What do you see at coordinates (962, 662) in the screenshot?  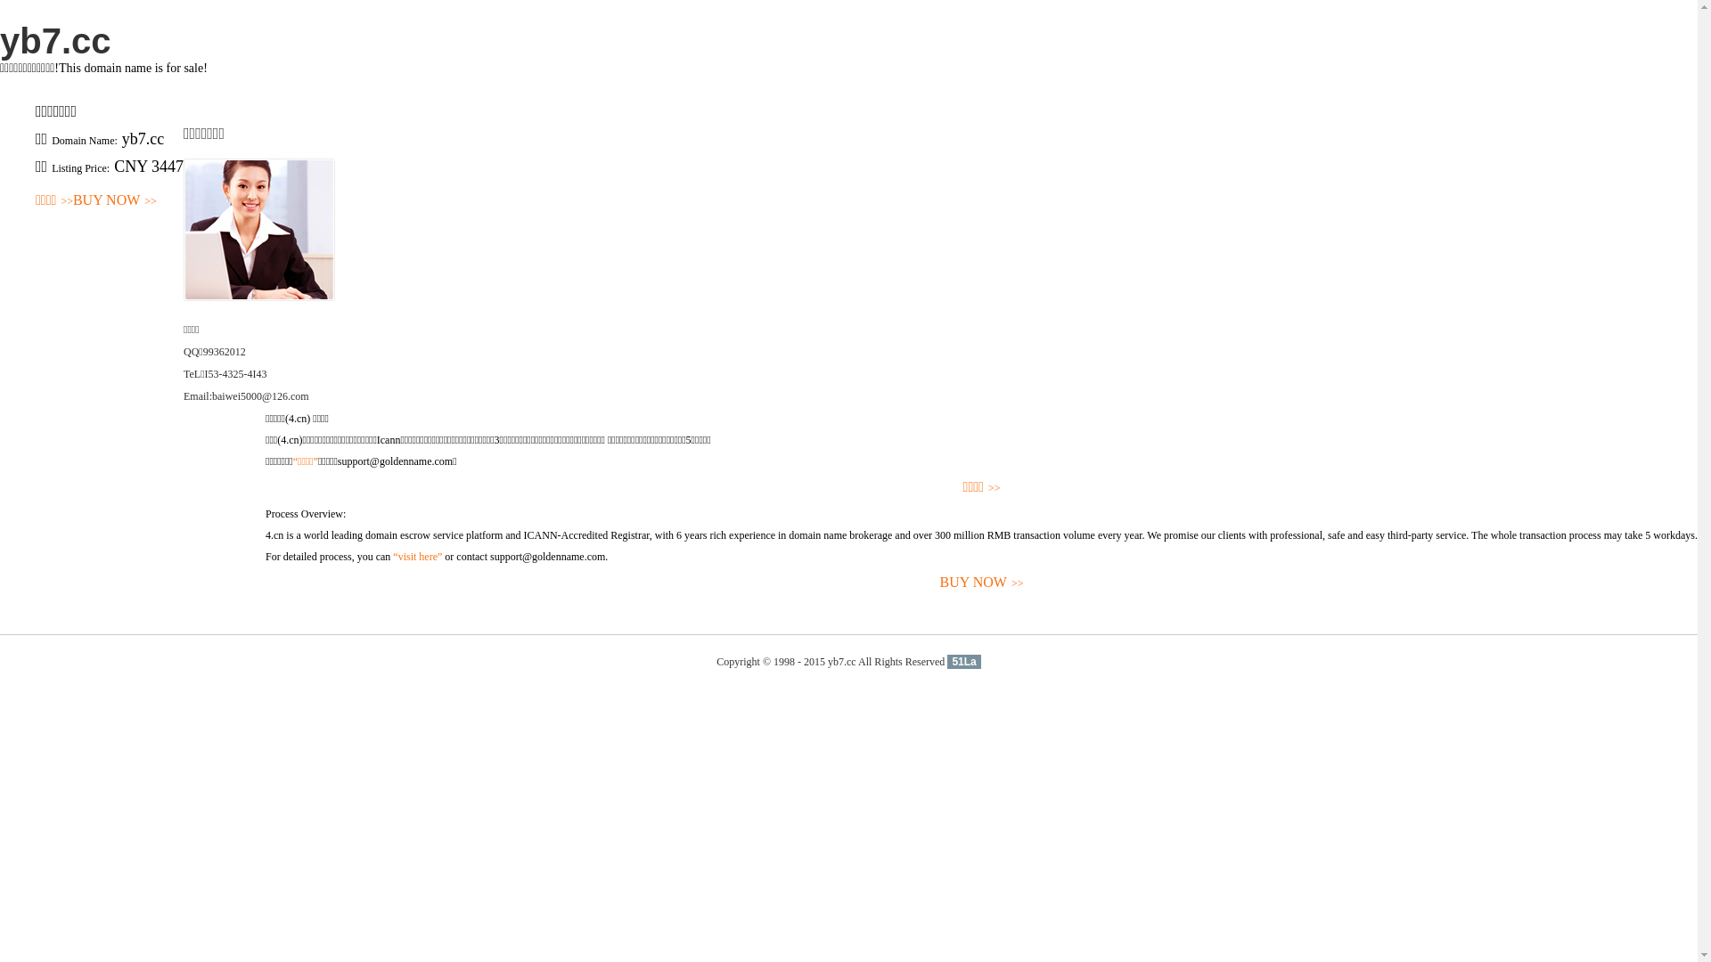 I see `'51La'` at bounding box center [962, 662].